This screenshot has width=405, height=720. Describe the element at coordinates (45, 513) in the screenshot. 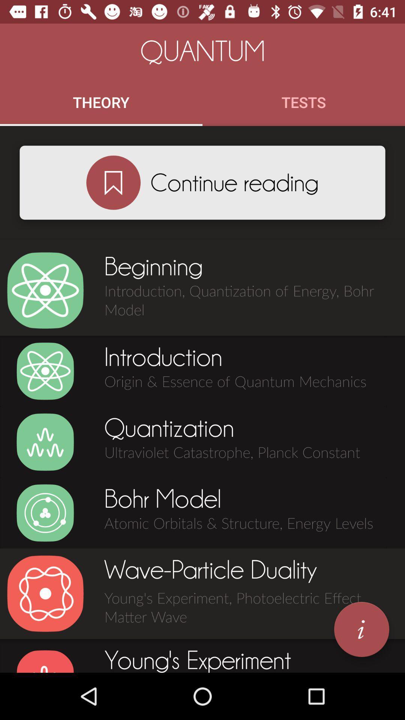

I see `bohr model` at that location.